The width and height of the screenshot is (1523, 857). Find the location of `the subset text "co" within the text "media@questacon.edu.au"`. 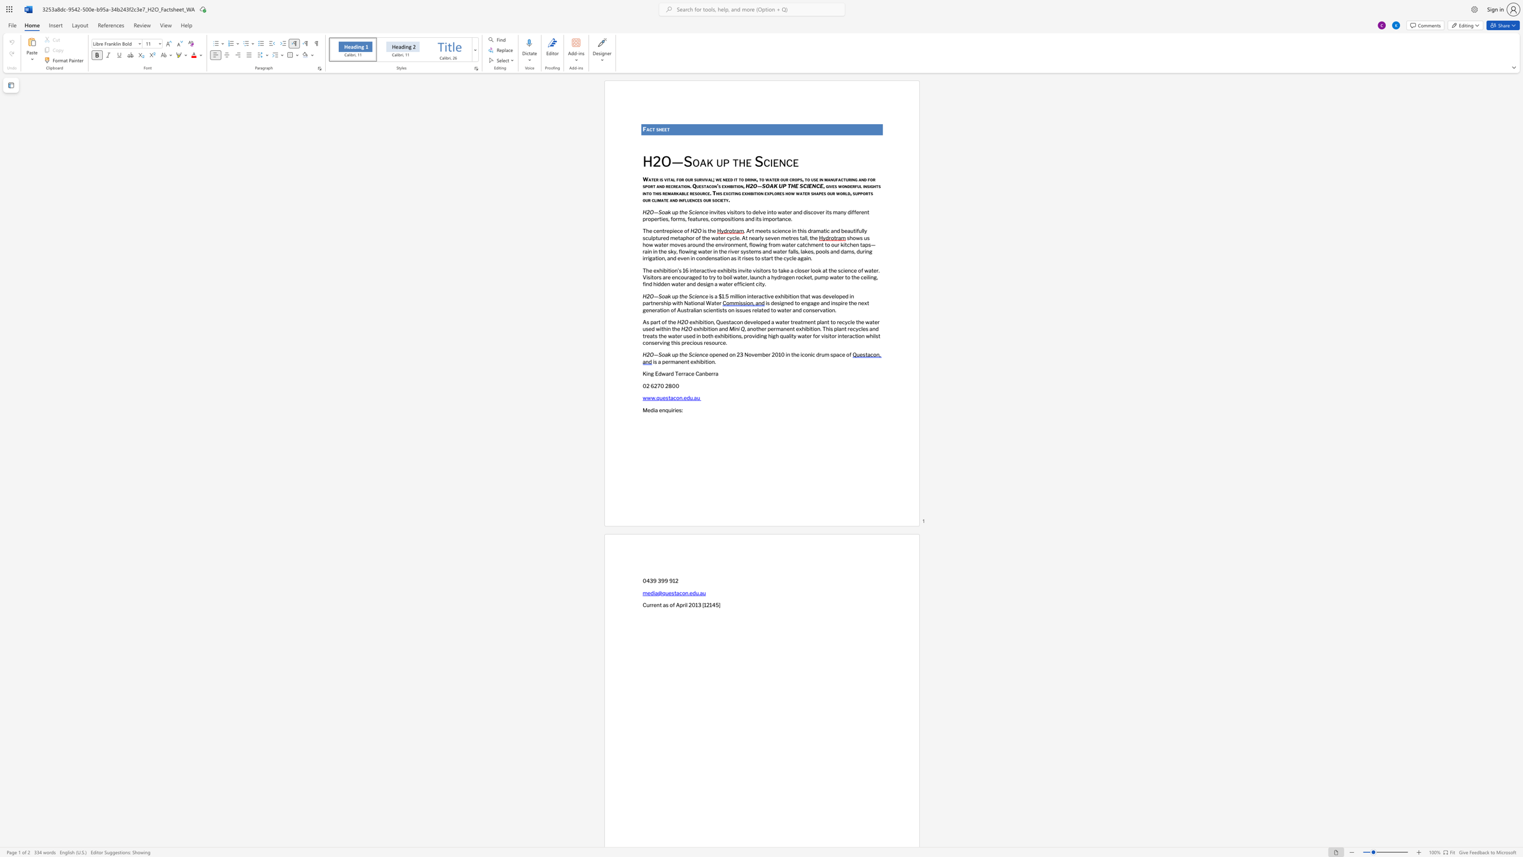

the subset text "co" within the text "media@questacon.edu.au" is located at coordinates (679, 592).